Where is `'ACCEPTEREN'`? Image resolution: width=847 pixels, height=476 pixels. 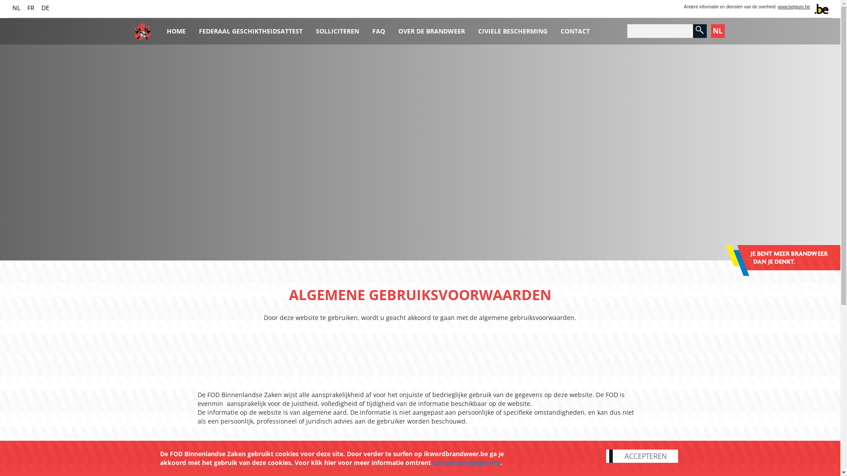 'ACCEPTEREN' is located at coordinates (642, 456).